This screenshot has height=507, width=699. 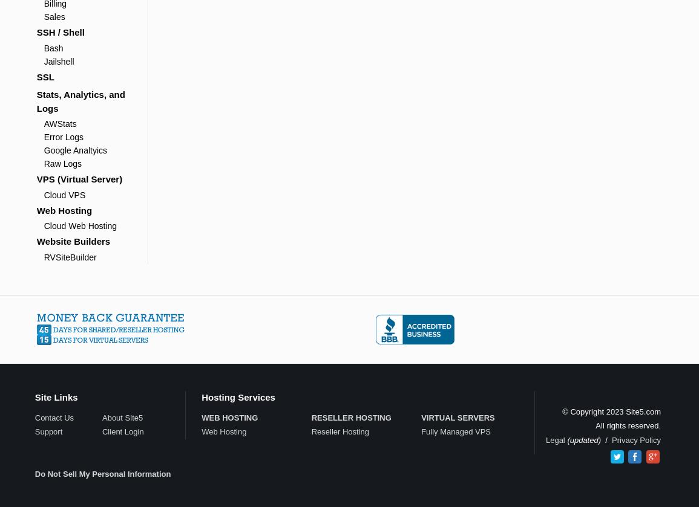 What do you see at coordinates (310, 431) in the screenshot?
I see `'Reseller Hosting'` at bounding box center [310, 431].